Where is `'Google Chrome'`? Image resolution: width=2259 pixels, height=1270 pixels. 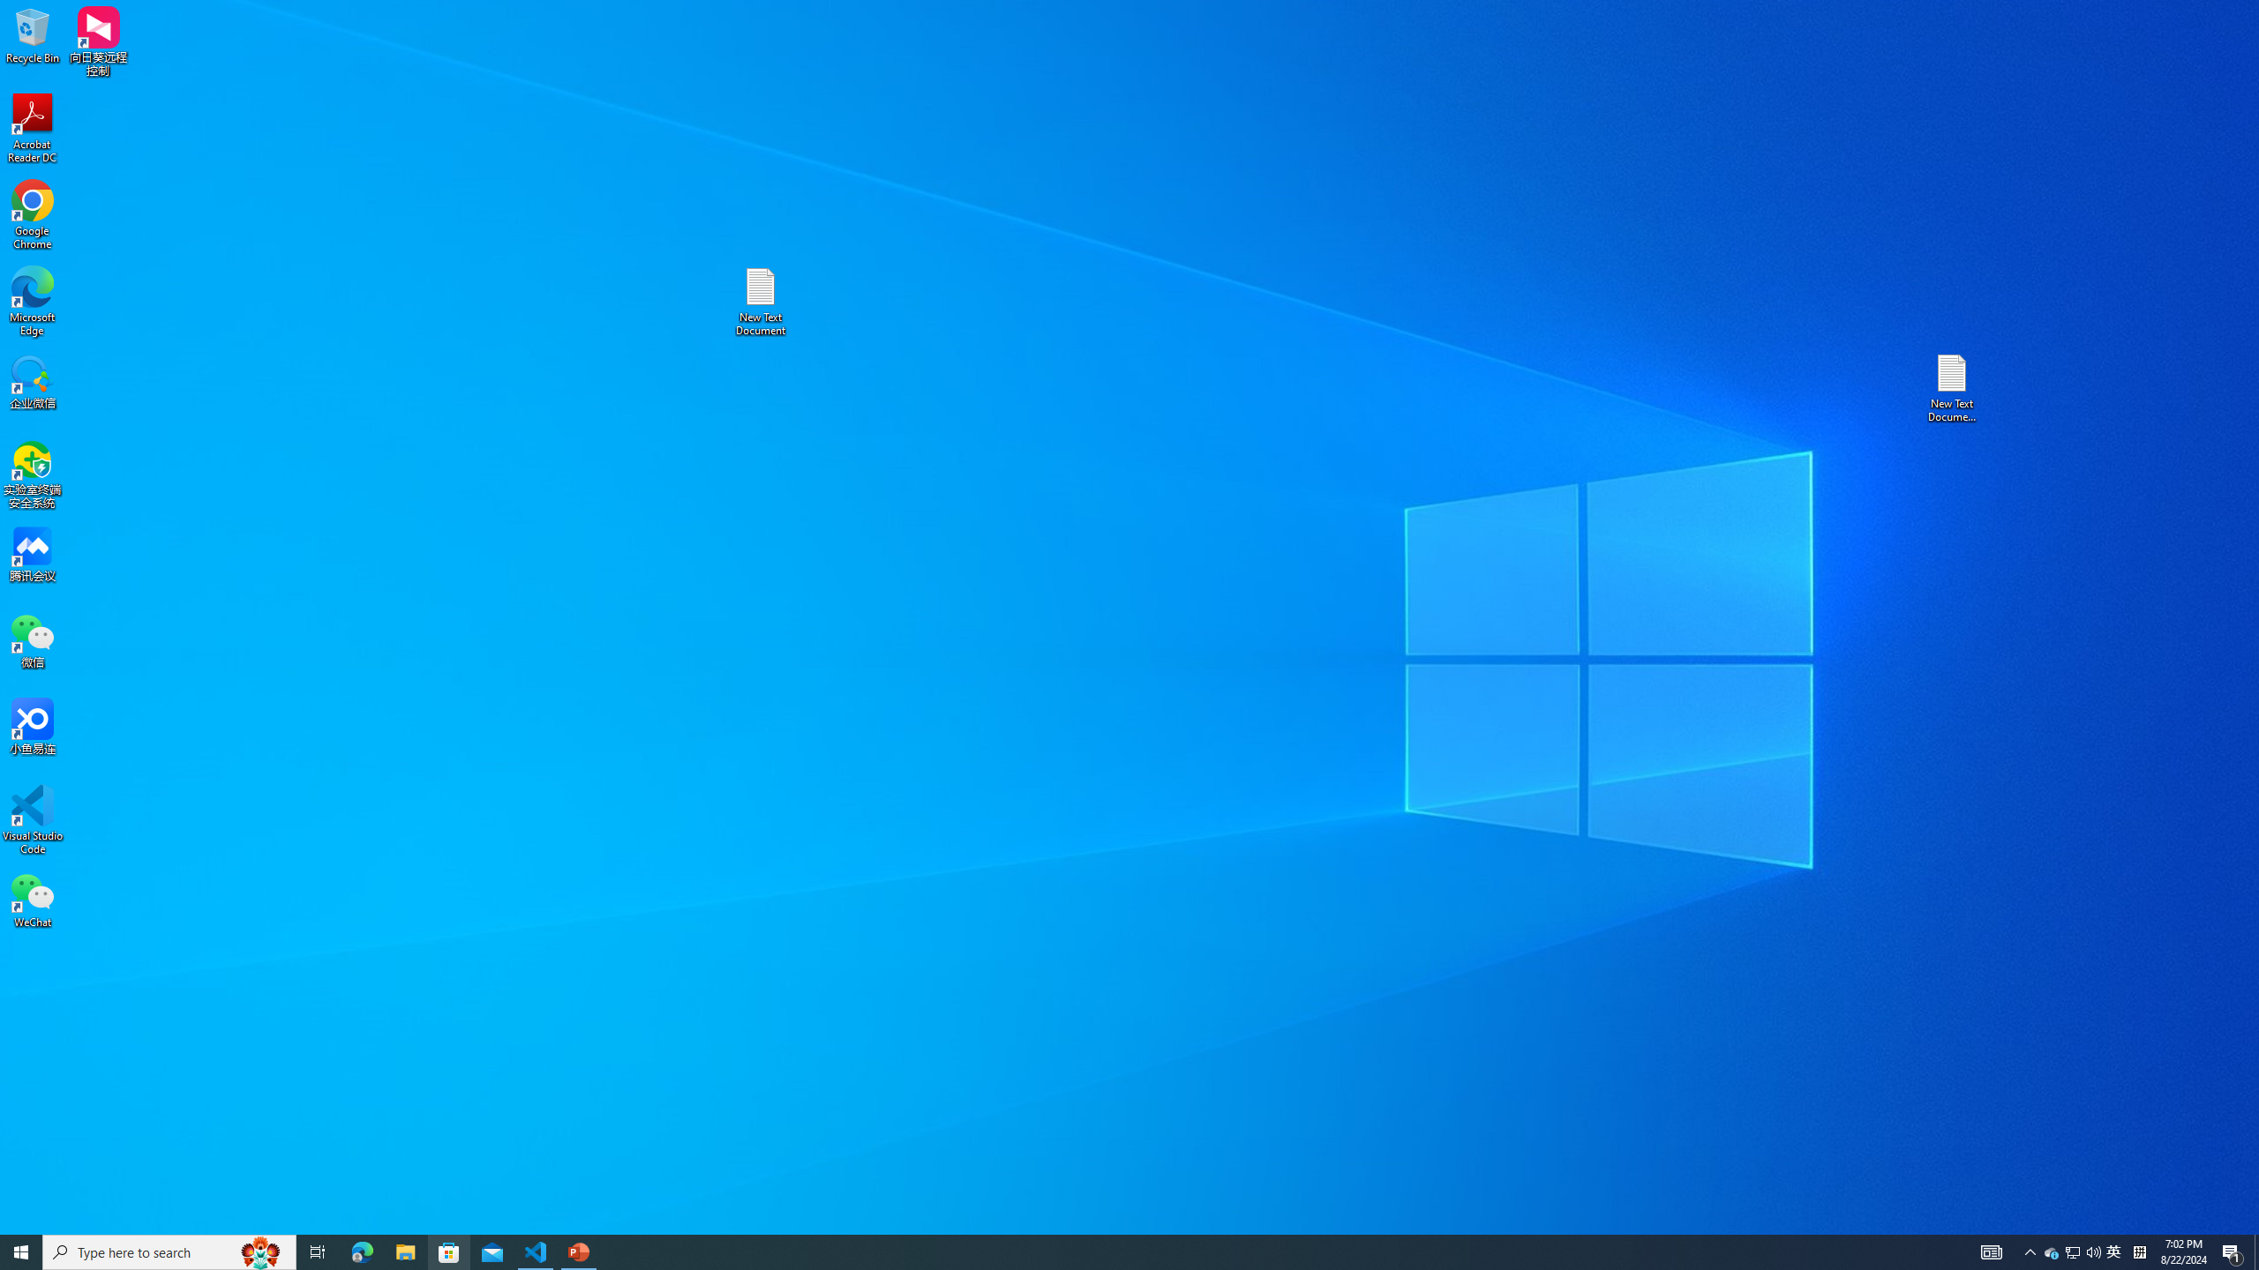 'Google Chrome' is located at coordinates (32, 215).